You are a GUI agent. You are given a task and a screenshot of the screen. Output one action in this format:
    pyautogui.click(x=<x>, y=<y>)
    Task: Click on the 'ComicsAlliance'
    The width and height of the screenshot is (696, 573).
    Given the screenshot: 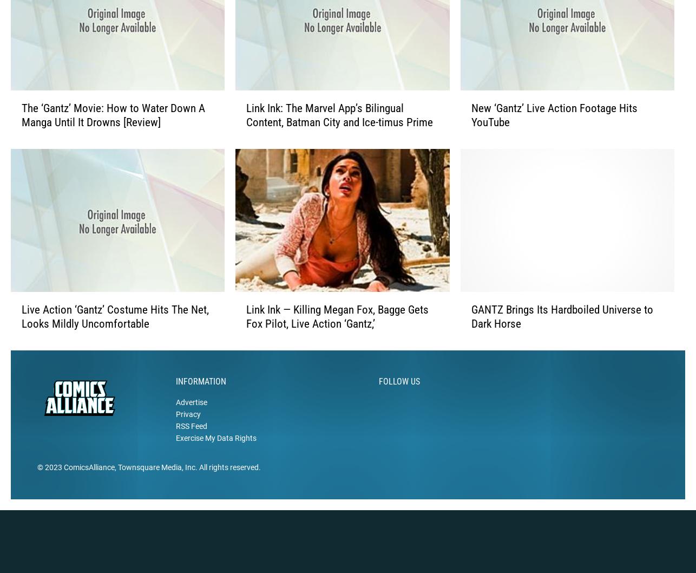 What is the action you would take?
    pyautogui.click(x=64, y=484)
    